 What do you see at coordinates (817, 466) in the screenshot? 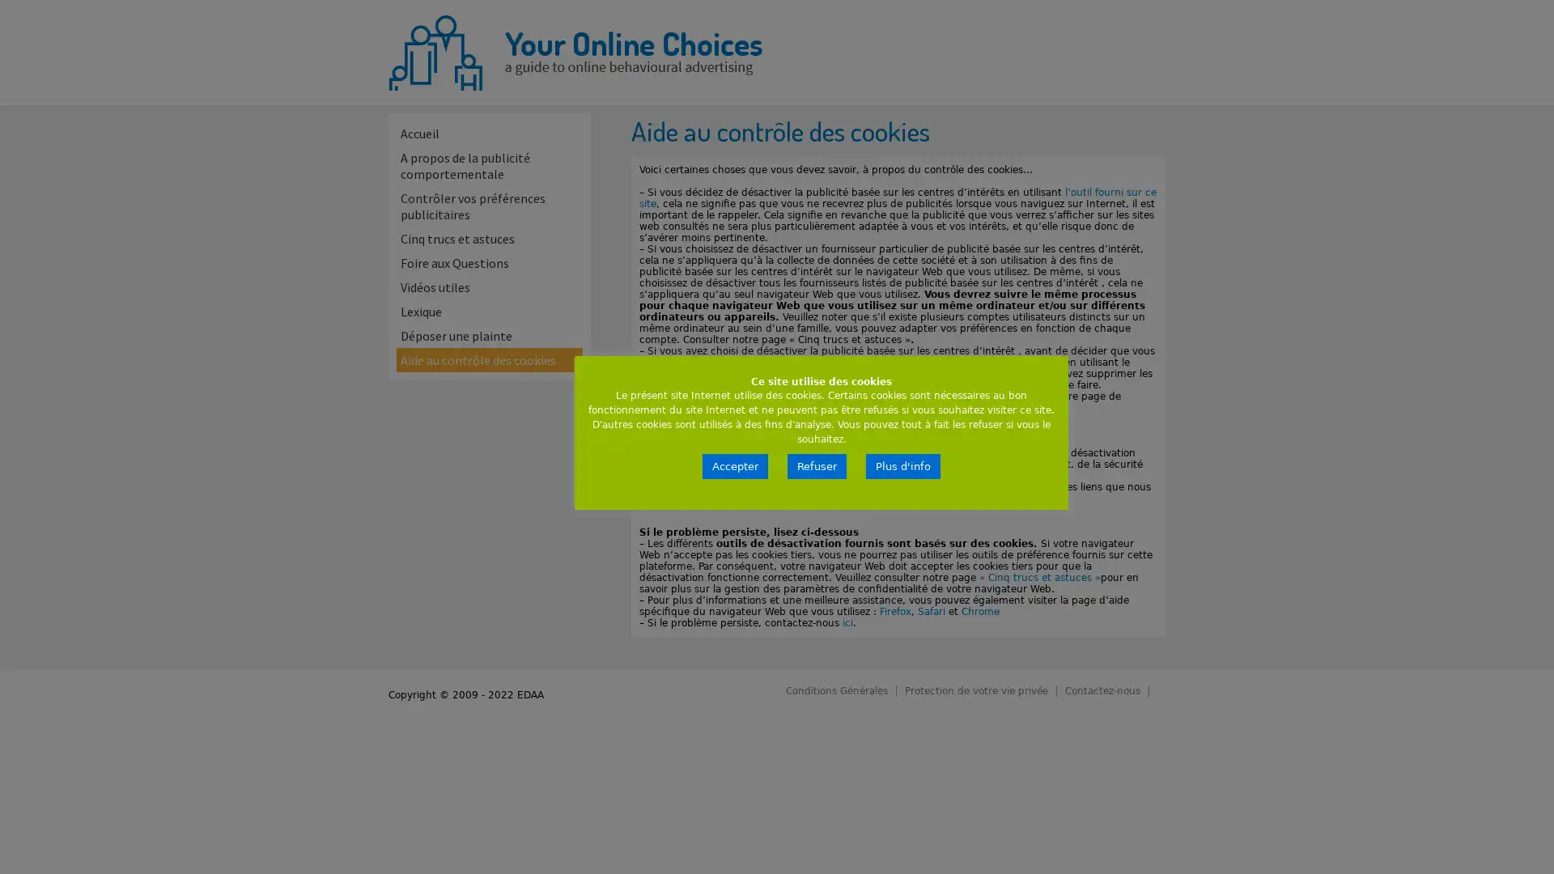
I see `Refuser` at bounding box center [817, 466].